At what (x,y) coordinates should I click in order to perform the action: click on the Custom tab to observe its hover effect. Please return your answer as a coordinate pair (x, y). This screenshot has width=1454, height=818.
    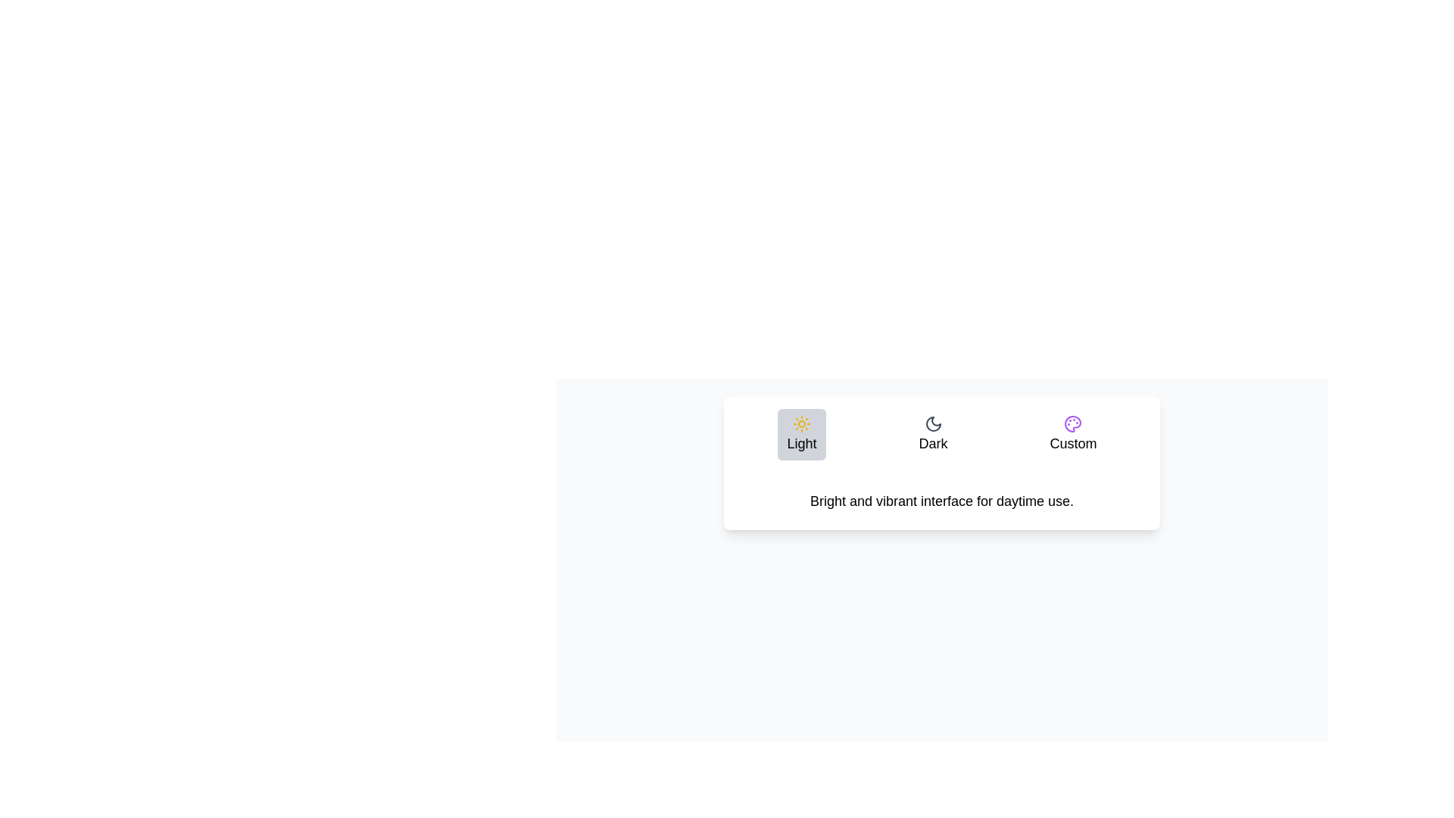
    Looking at the image, I should click on (1072, 435).